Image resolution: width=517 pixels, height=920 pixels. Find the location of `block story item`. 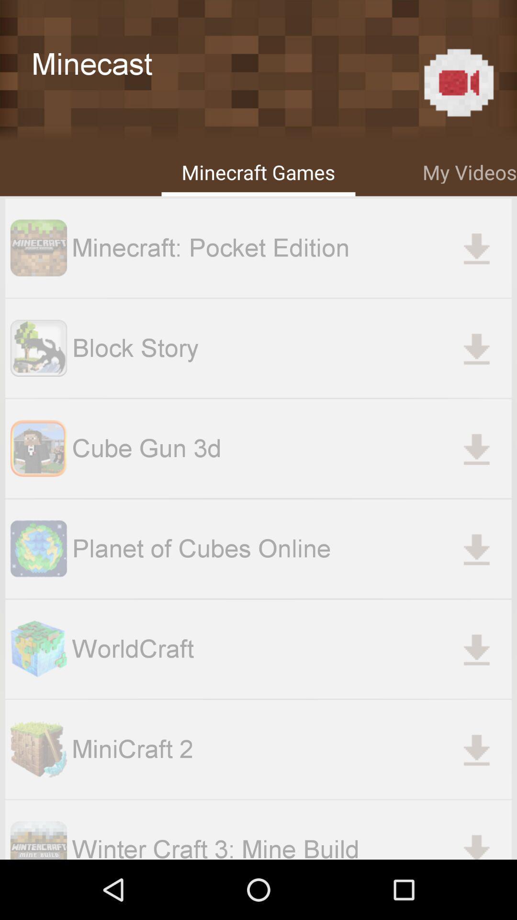

block story item is located at coordinates (291, 347).